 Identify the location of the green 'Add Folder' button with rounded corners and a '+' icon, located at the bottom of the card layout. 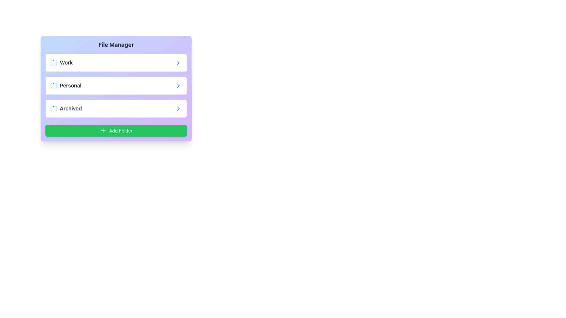
(116, 130).